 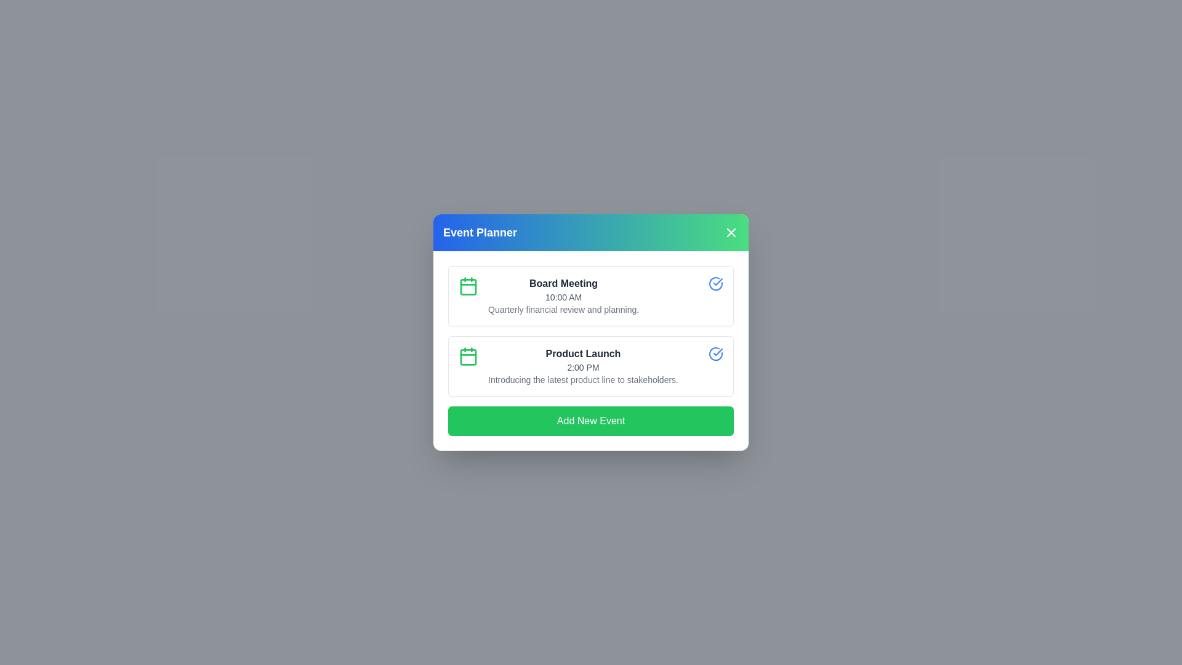 I want to click on the rounded rectangle inside the green calendar icon for the 'Board Meeting' event in the event planner modal, so click(x=468, y=287).